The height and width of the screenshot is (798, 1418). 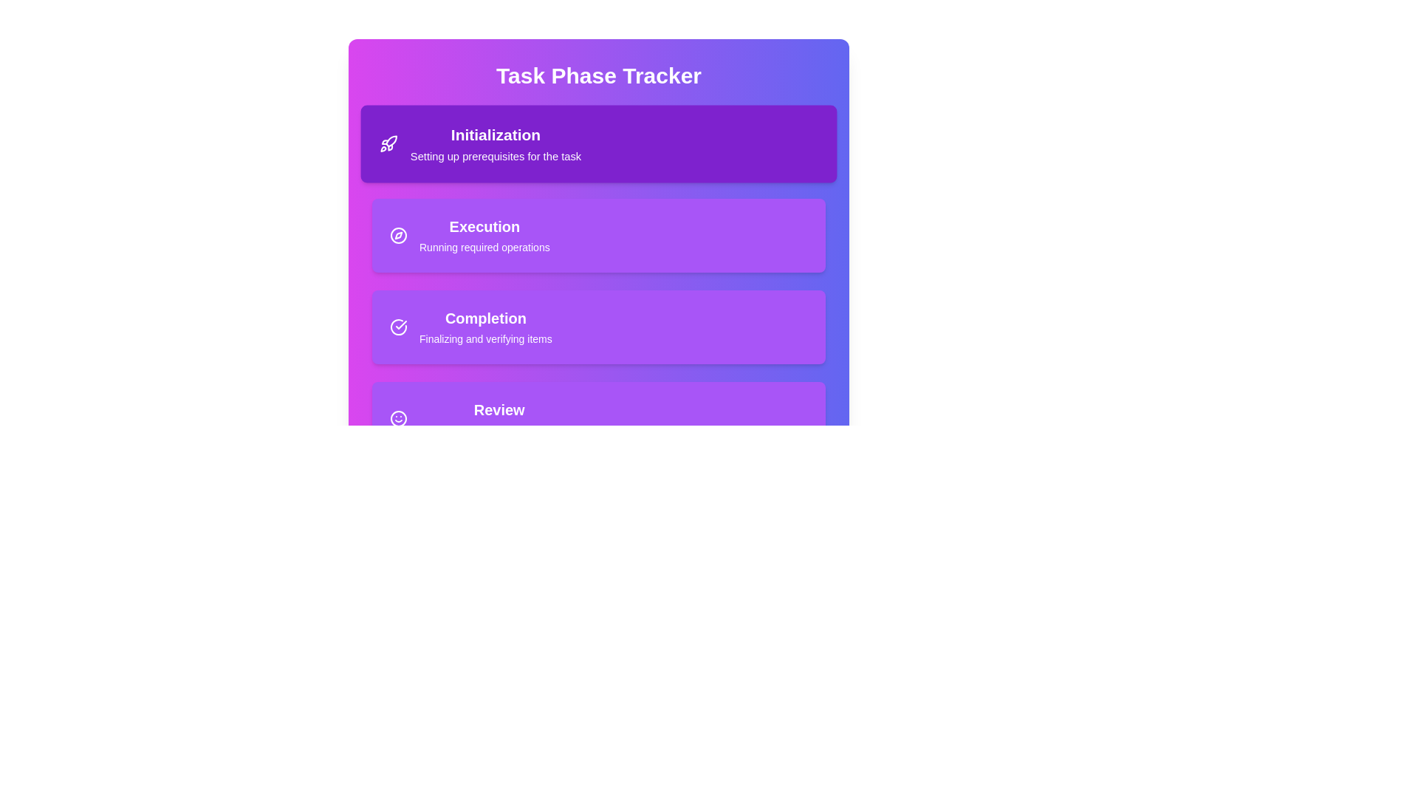 What do you see at coordinates (398, 235) in the screenshot?
I see `the circular SVG graphical component with a white outline located centrally within the compass icon in the 'Execution' row` at bounding box center [398, 235].